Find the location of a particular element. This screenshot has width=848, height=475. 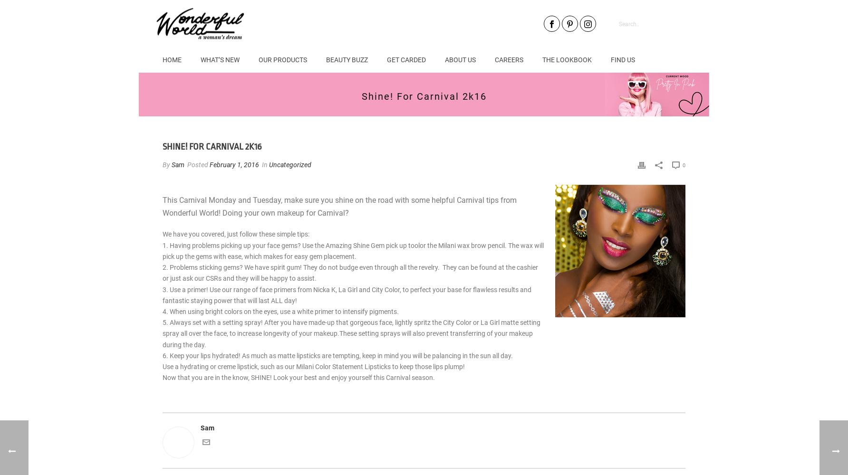

'6. Keep your lips hydrated! As much as matte lipsticks are tempting, keep in mind you will be palancing in the sun all day.' is located at coordinates (337, 355).